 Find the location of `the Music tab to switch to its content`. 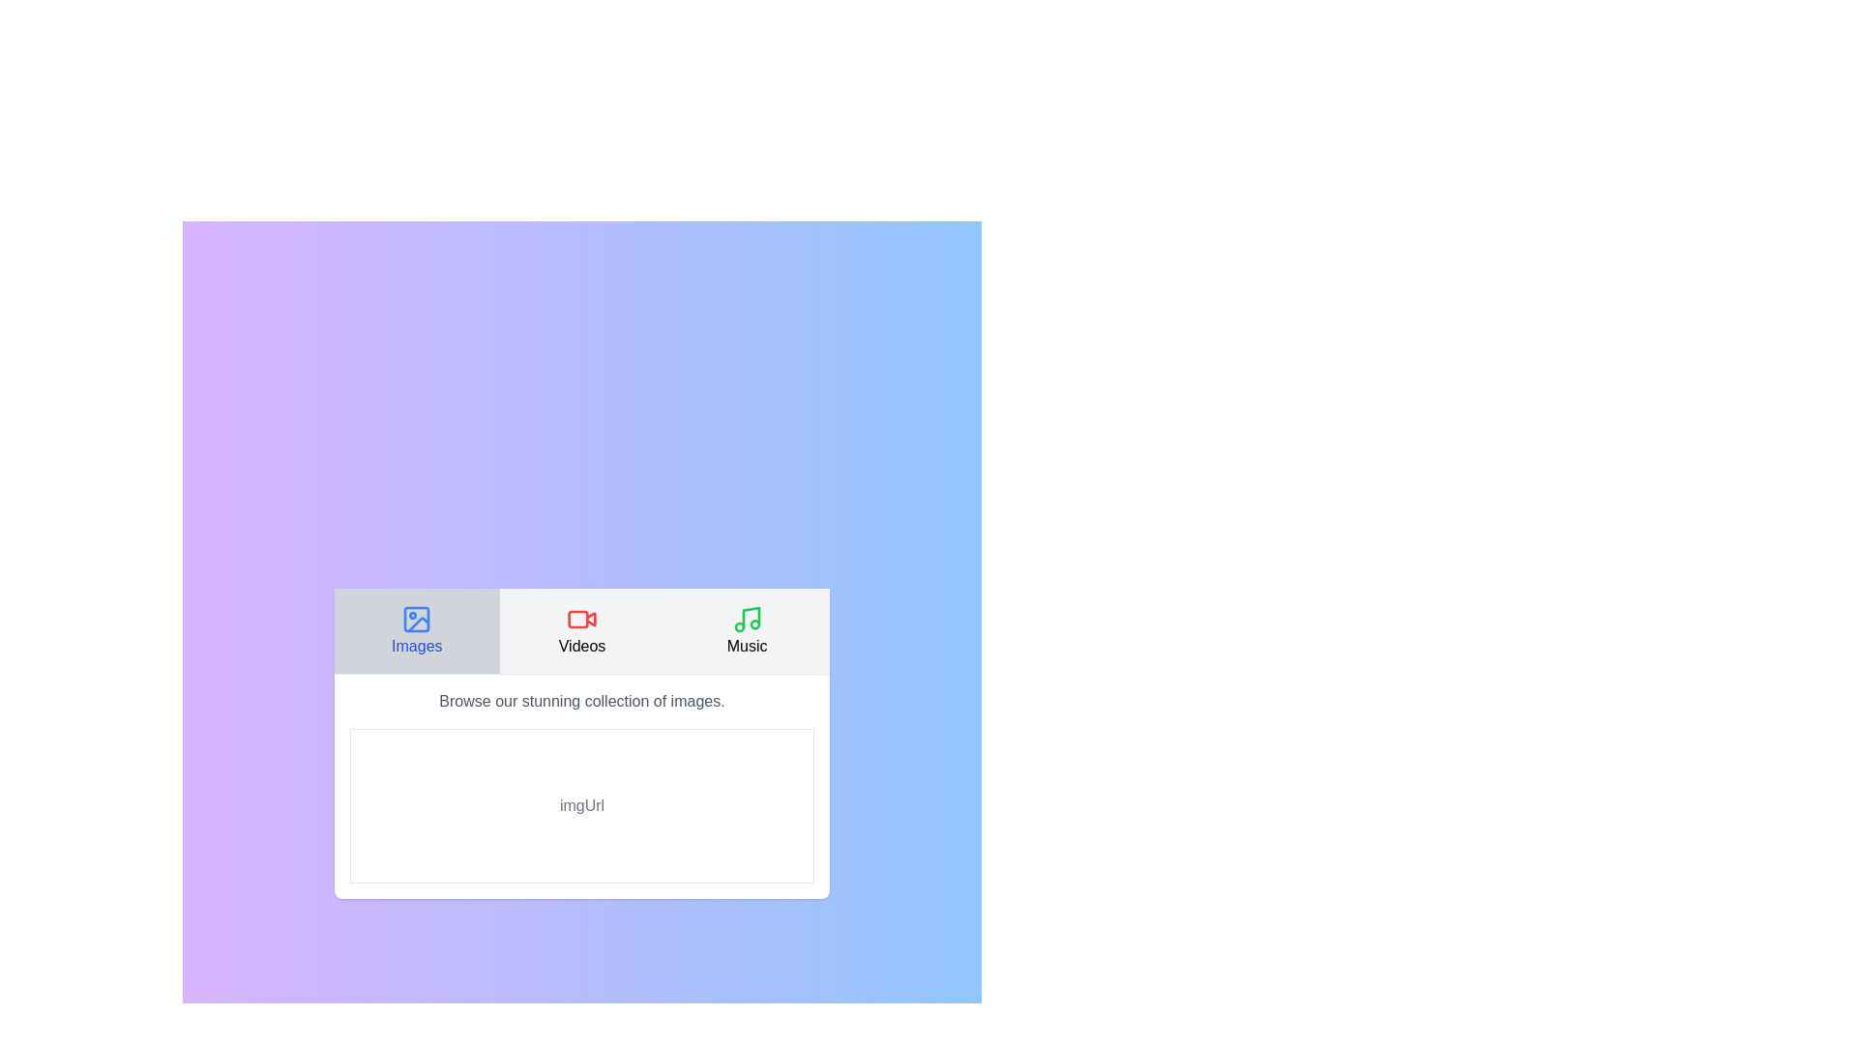

the Music tab to switch to its content is located at coordinates (746, 630).